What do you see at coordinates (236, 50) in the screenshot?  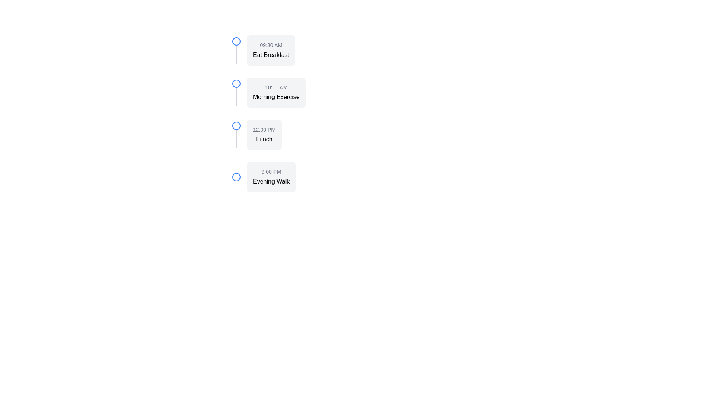 I see `the first Timeline Marker representing the event 'Eat Breakfast' at 09:30 AM` at bounding box center [236, 50].